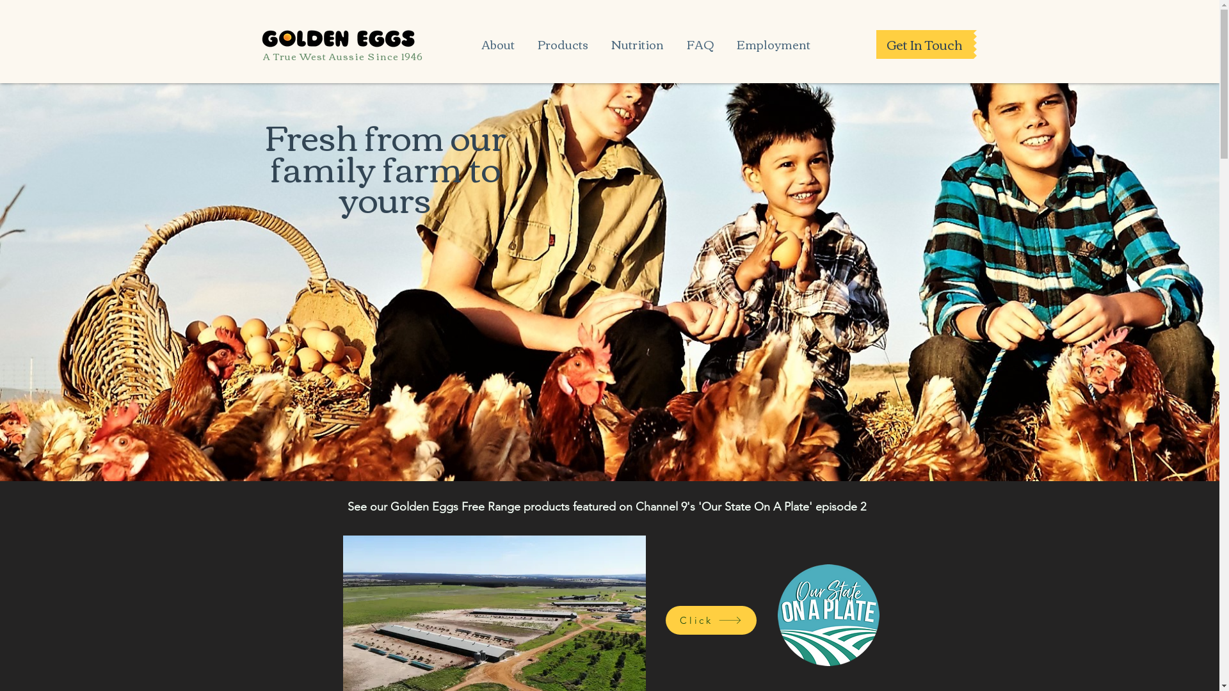  Describe the element at coordinates (497, 38) in the screenshot. I see `'About'` at that location.